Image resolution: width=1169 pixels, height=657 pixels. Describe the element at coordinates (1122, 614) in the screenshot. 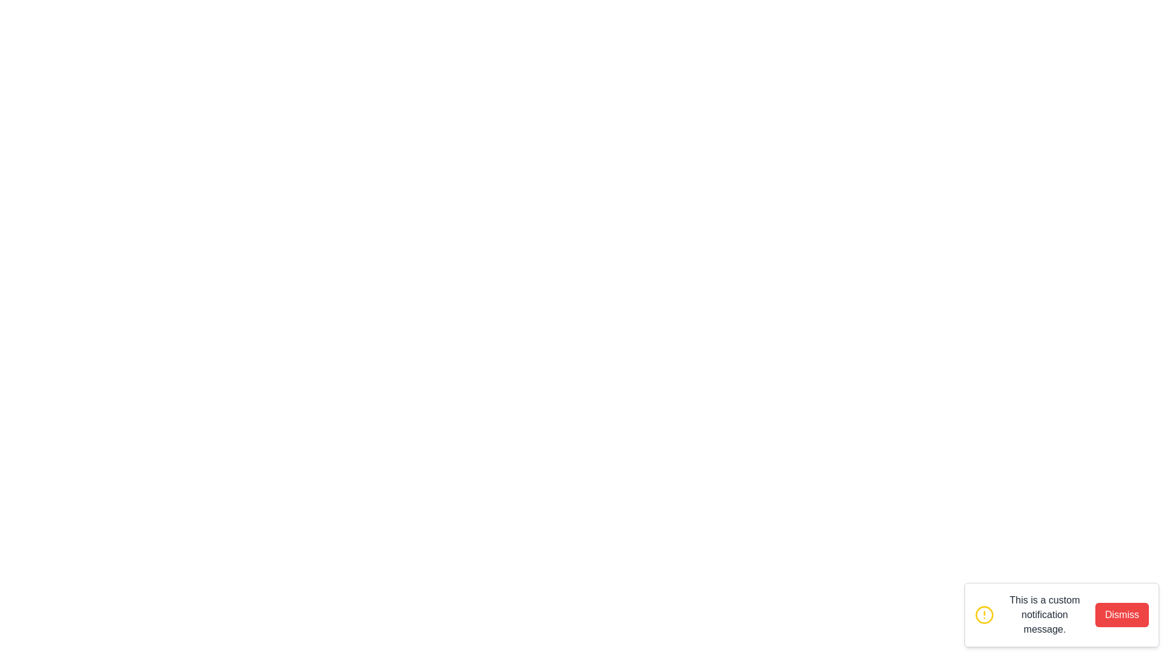

I see `the 'Dismiss' button, which is a rectangular button with white text on a red background located at the bottom-right corner of a notification box` at that location.